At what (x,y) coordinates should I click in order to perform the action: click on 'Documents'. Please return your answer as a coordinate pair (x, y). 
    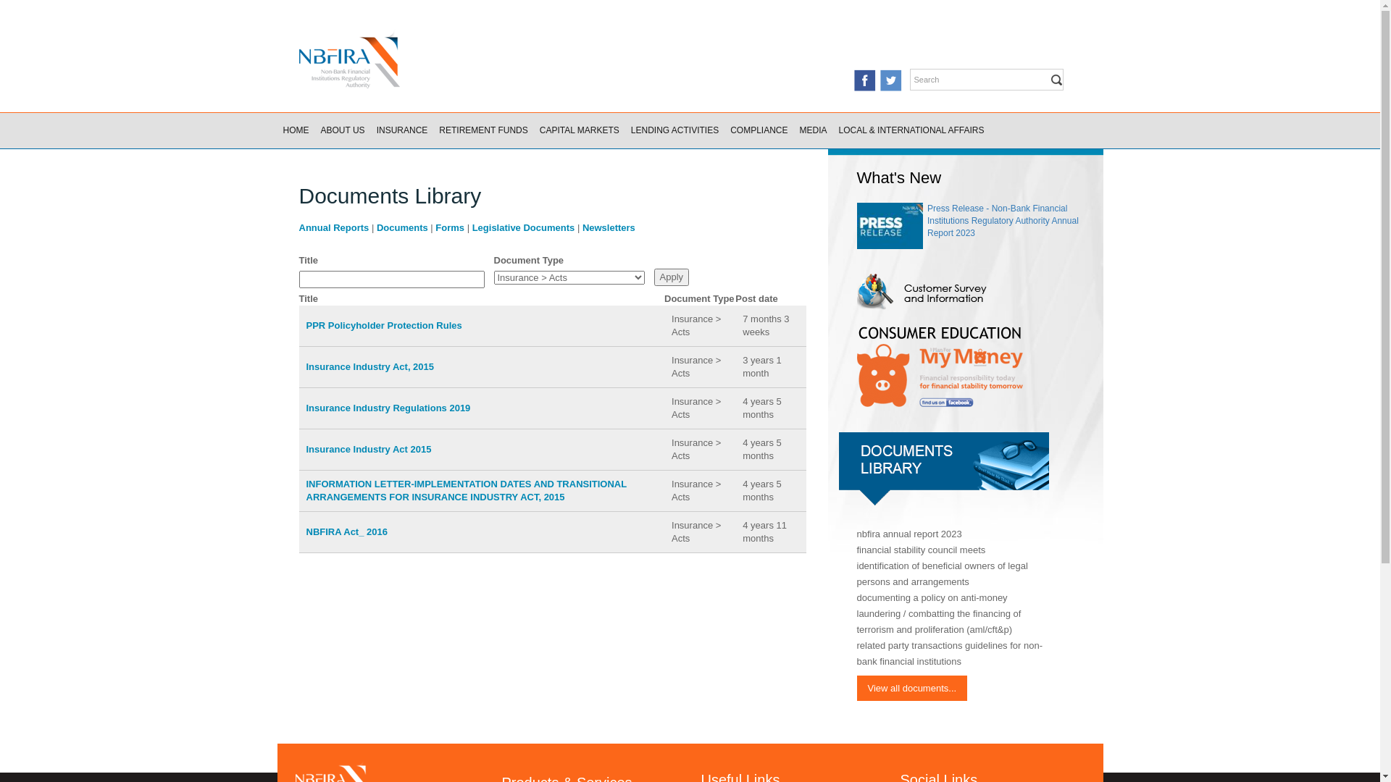
    Looking at the image, I should click on (402, 227).